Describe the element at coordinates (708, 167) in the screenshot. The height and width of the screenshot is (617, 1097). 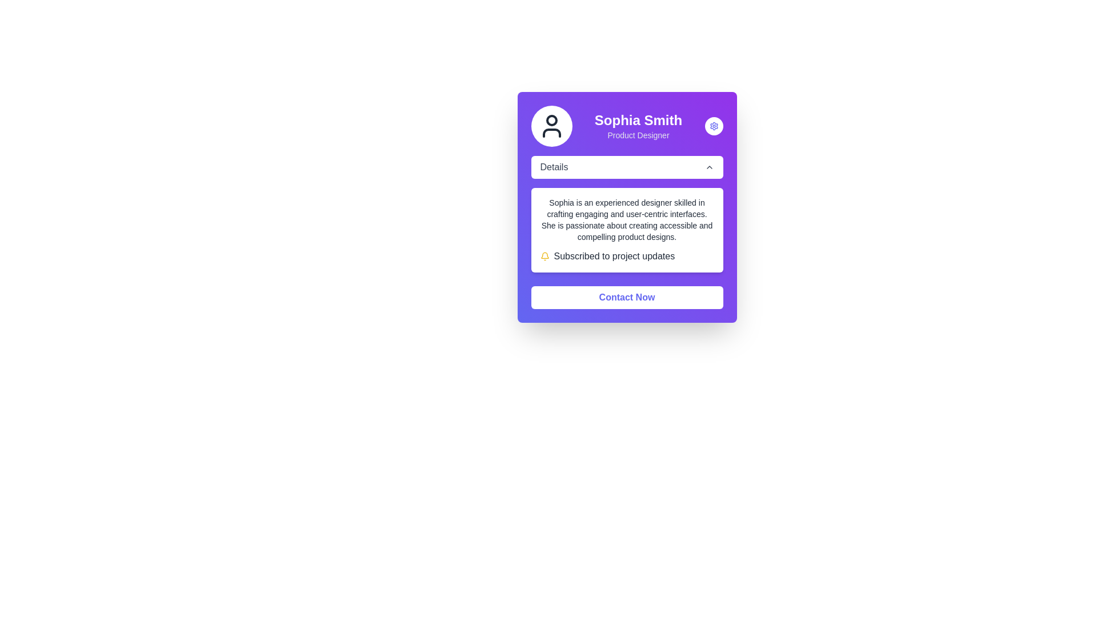
I see `the chevron-up icon located at the right end of the 'Details' button` at that location.